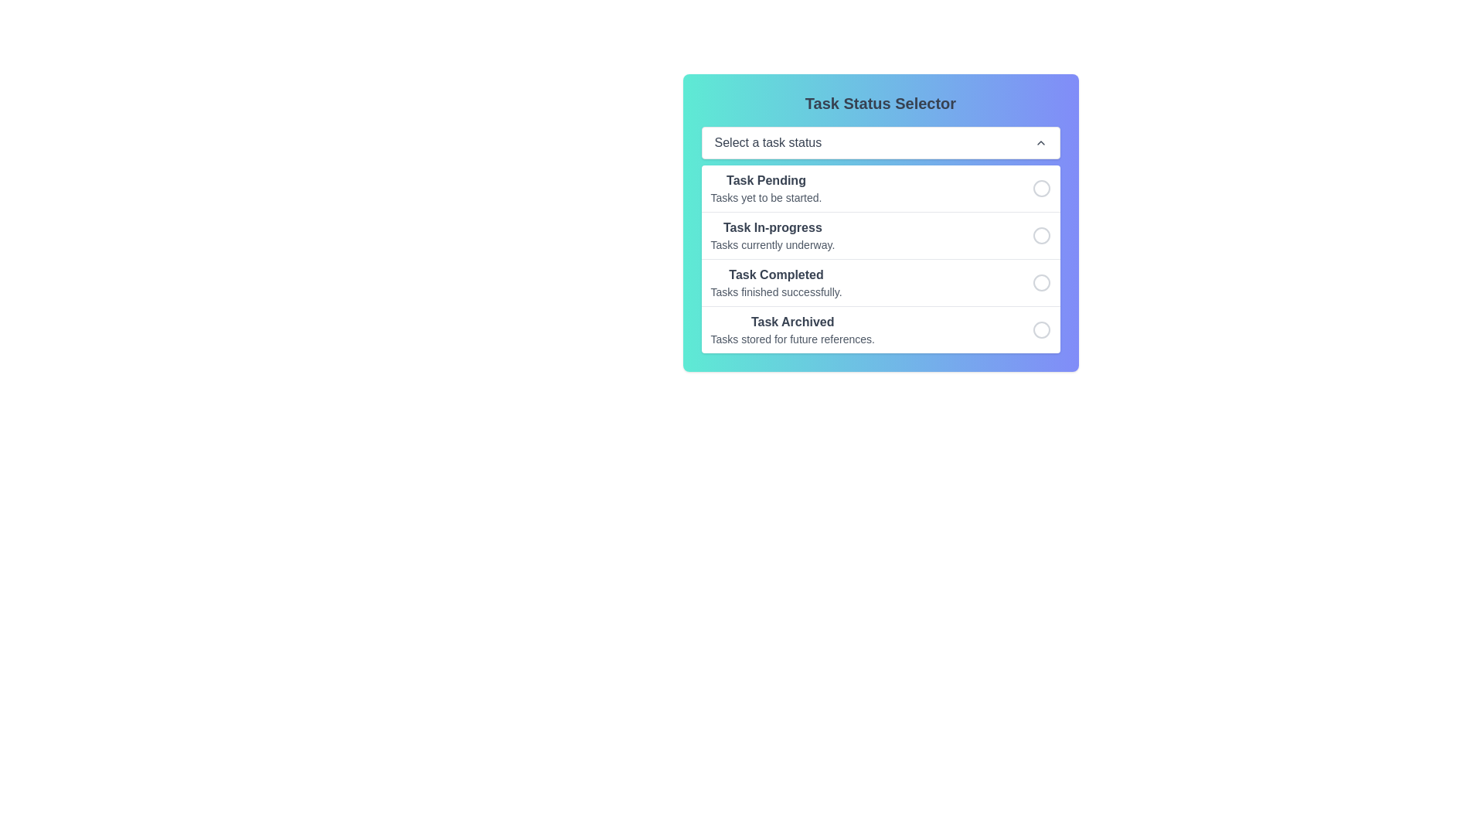 The image size is (1484, 835). Describe the element at coordinates (880, 187) in the screenshot. I see `the topmost selectable list item labeled 'Task Pending'` at that location.